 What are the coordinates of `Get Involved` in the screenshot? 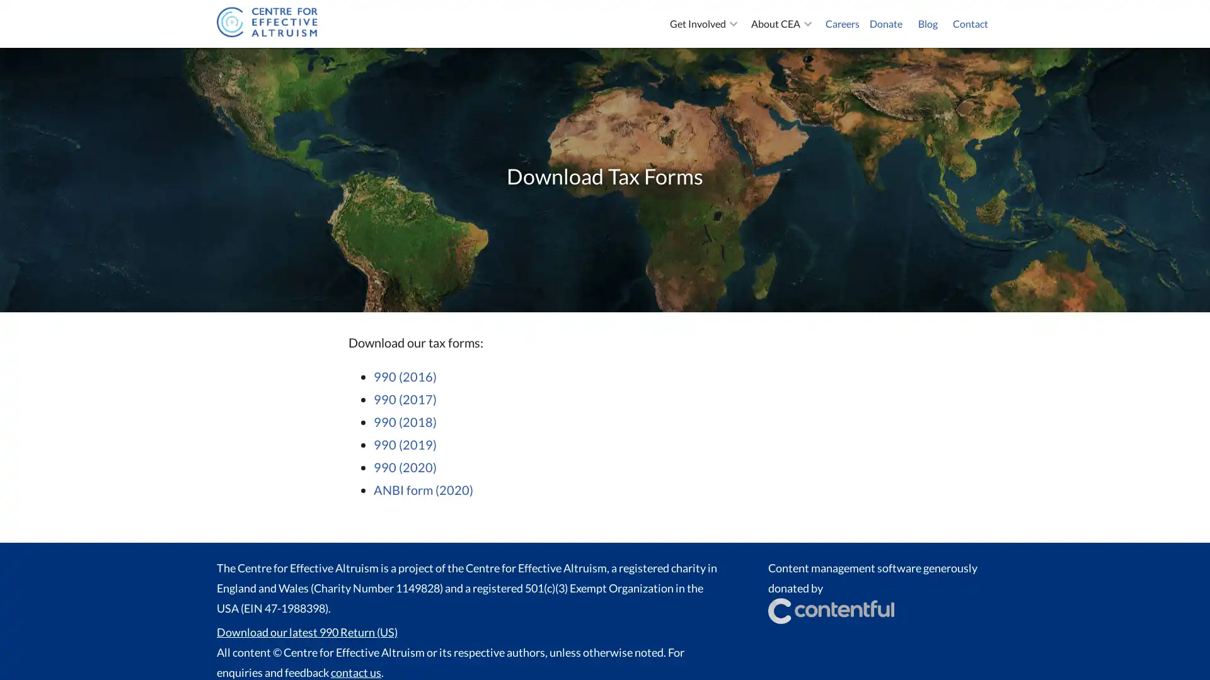 It's located at (705, 24).